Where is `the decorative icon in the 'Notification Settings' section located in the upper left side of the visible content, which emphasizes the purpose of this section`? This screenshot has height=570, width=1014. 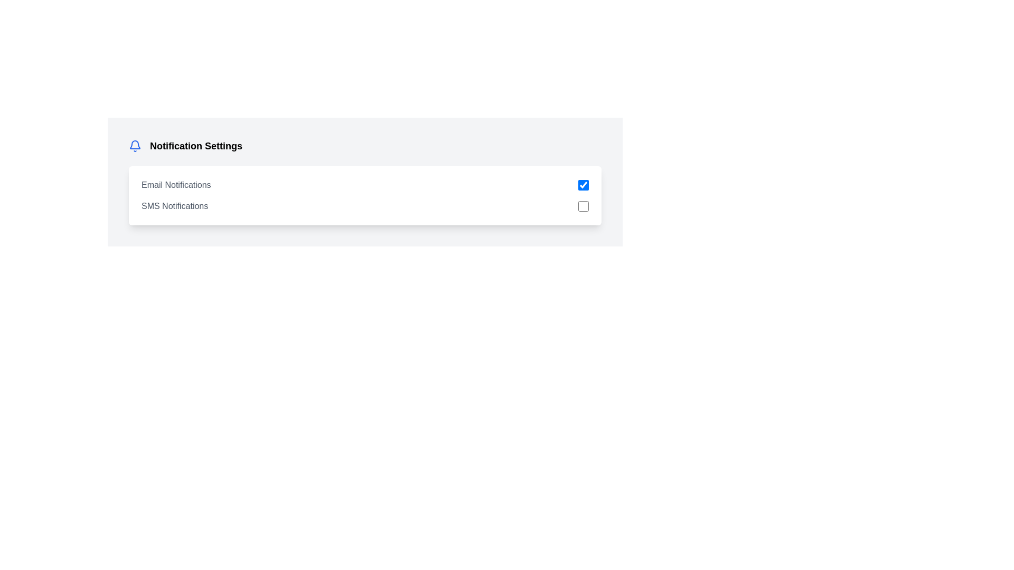 the decorative icon in the 'Notification Settings' section located in the upper left side of the visible content, which emphasizes the purpose of this section is located at coordinates (134, 145).